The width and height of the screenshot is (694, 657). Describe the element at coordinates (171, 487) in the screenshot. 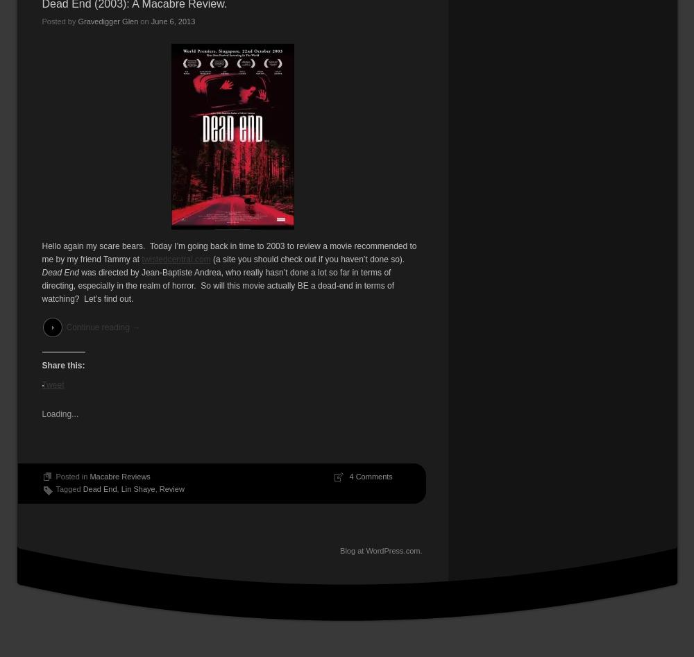

I see `'Review'` at that location.